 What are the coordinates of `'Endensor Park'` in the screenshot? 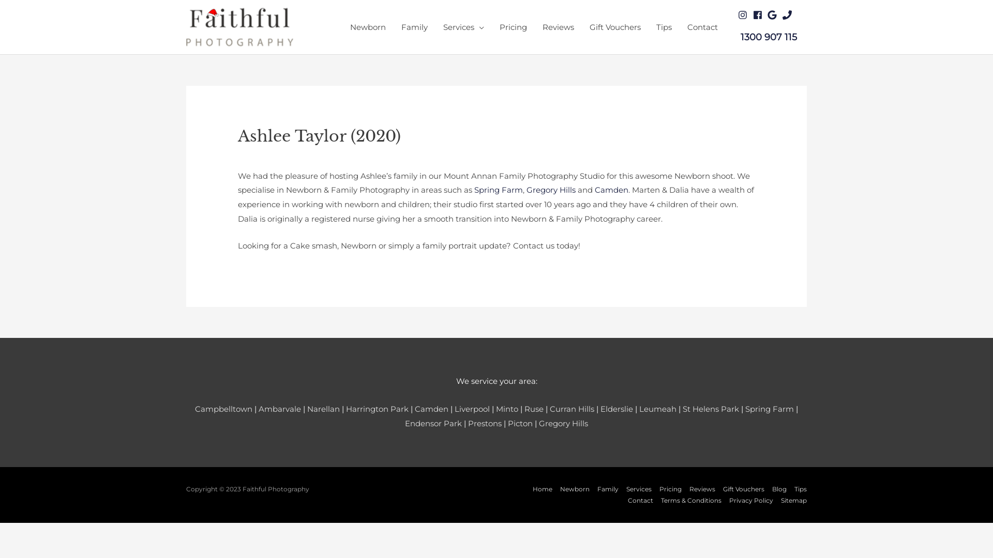 It's located at (404, 423).